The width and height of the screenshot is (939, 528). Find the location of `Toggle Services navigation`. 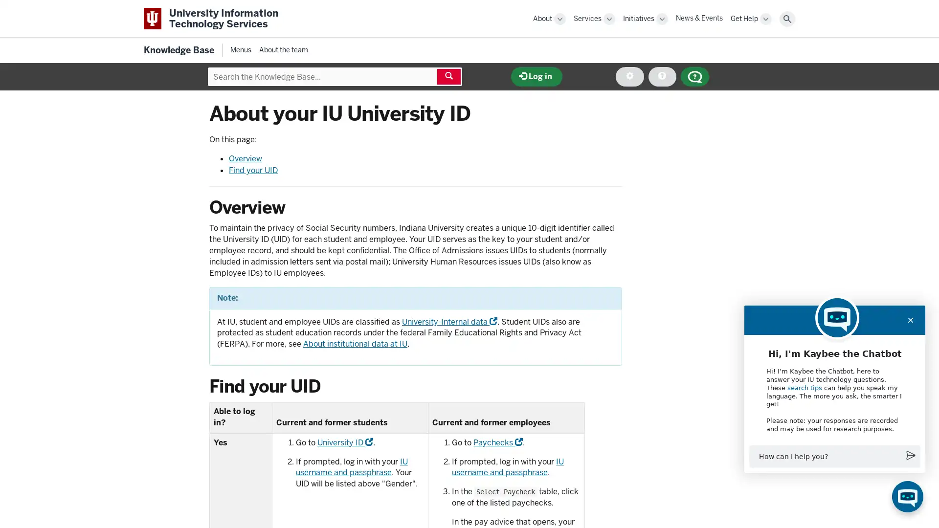

Toggle Services navigation is located at coordinates (609, 19).